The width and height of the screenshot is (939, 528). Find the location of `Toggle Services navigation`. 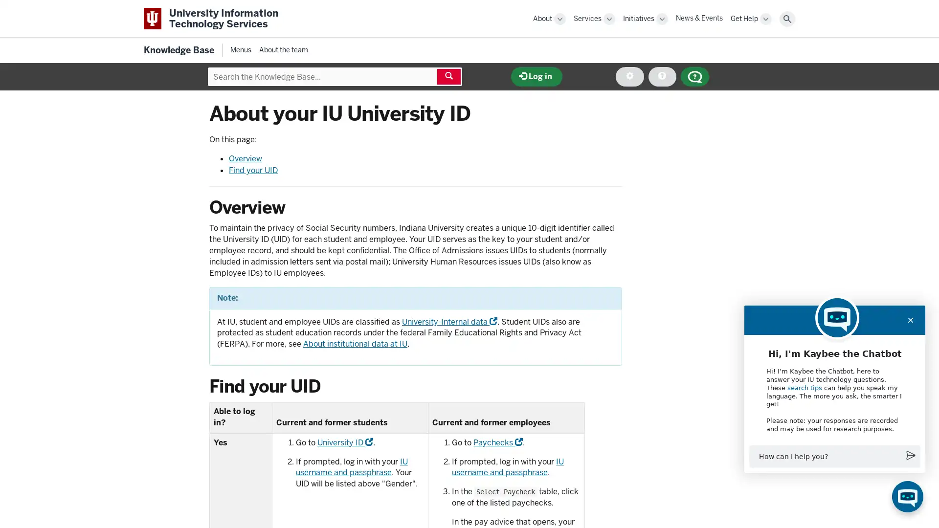

Toggle Services navigation is located at coordinates (609, 19).